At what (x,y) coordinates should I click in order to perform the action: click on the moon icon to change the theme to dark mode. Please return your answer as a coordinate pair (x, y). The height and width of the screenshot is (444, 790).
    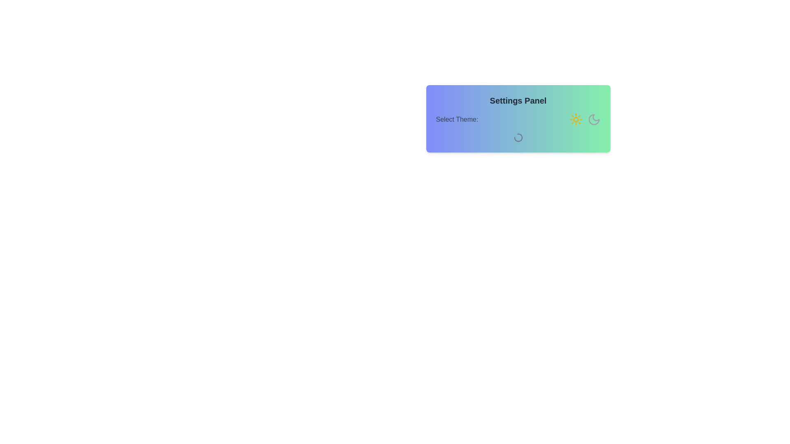
    Looking at the image, I should click on (594, 119).